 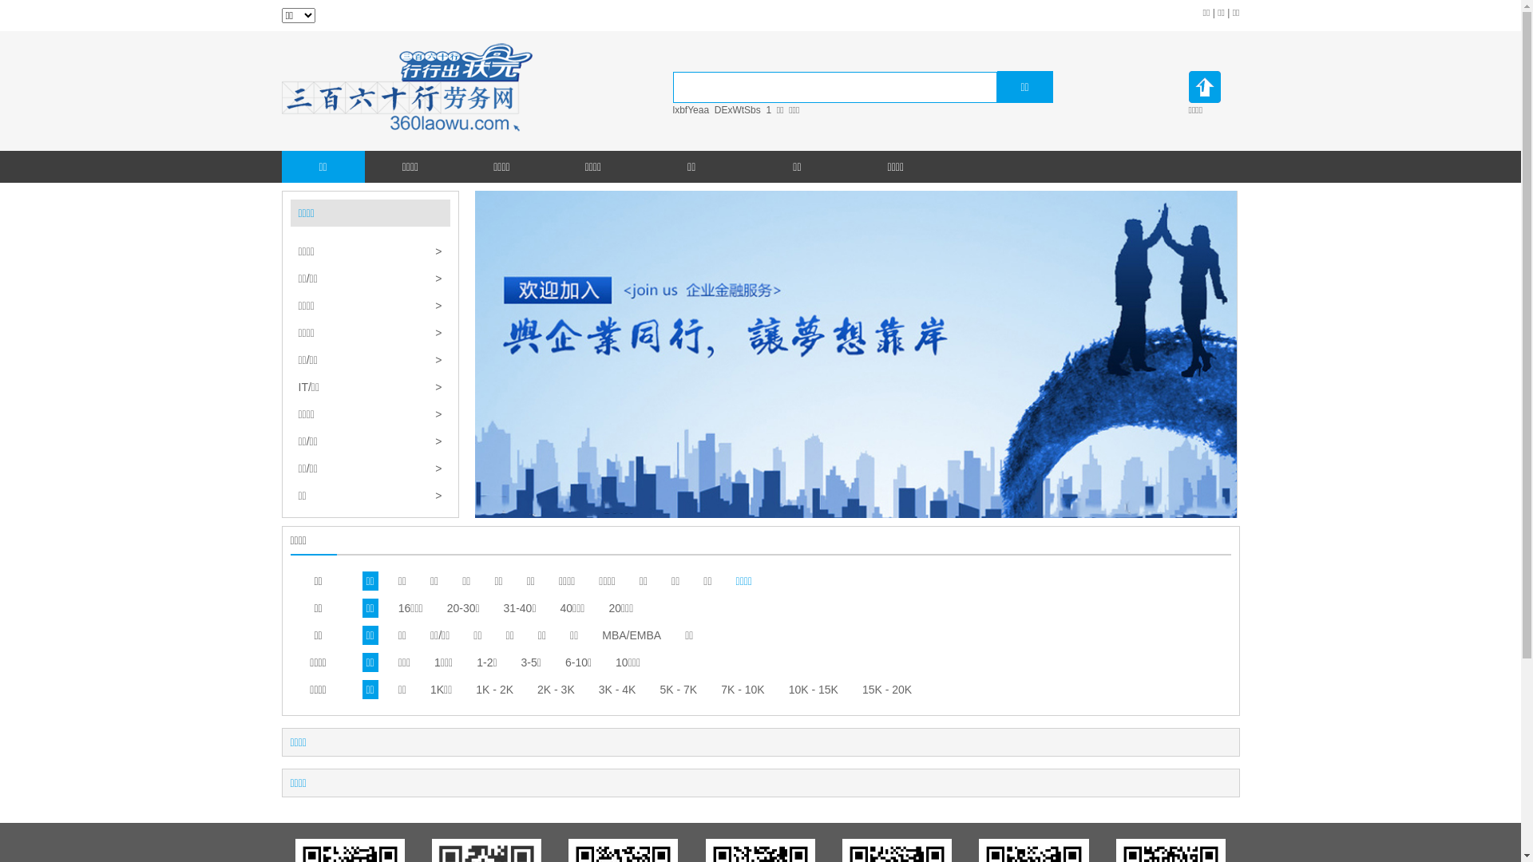 What do you see at coordinates (885, 689) in the screenshot?
I see `'15K - 20K'` at bounding box center [885, 689].